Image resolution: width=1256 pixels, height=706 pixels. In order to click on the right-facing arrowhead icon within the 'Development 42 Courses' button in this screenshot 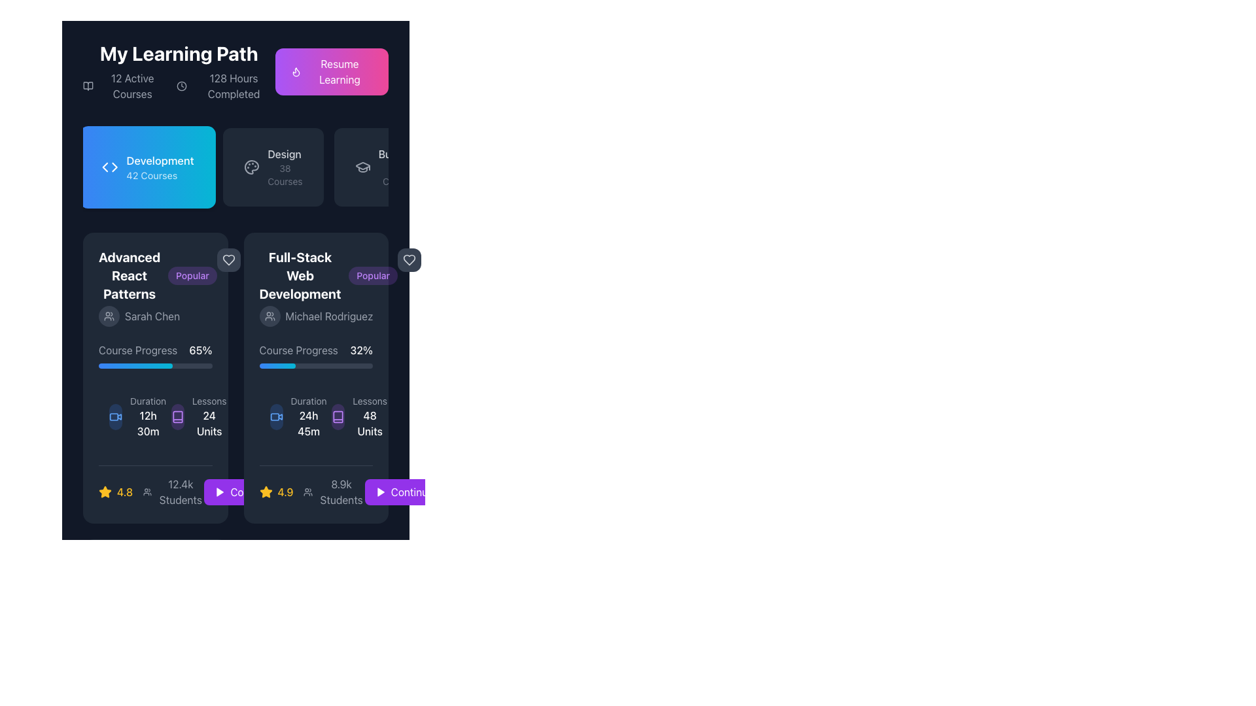, I will do `click(114, 166)`.